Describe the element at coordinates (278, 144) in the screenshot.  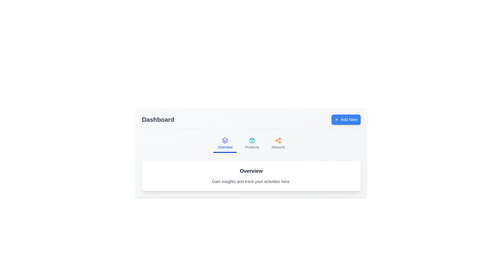
I see `the Network tab` at that location.